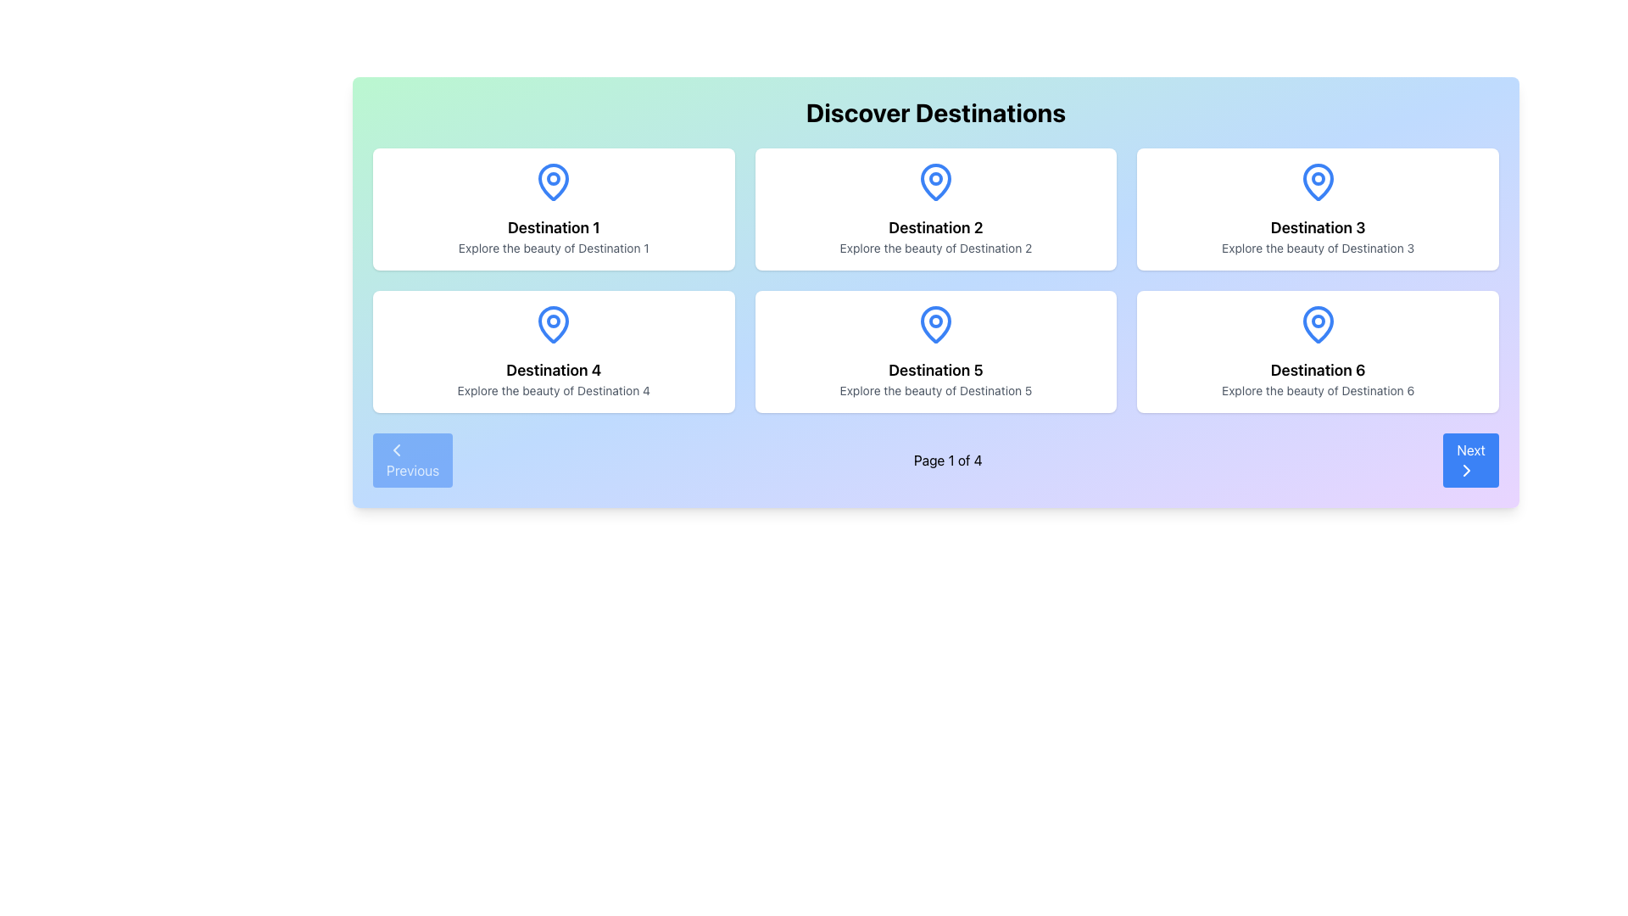 The width and height of the screenshot is (1628, 916). Describe the element at coordinates (1317, 227) in the screenshot. I see `text label titled 'Destination 3' which is styled in bold font and is located in the second card of the first row in a 2x3 grid` at that location.